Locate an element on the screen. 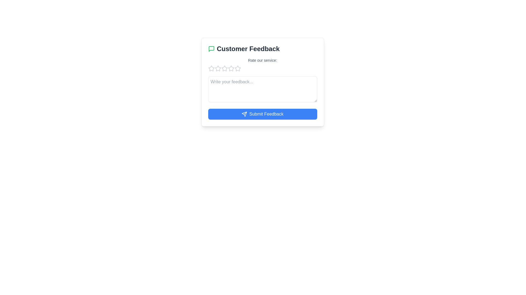 This screenshot has width=526, height=295. the third star-shaped rating icon, which is styled in light gray and located below the 'Rate our service' text is located at coordinates (218, 68).